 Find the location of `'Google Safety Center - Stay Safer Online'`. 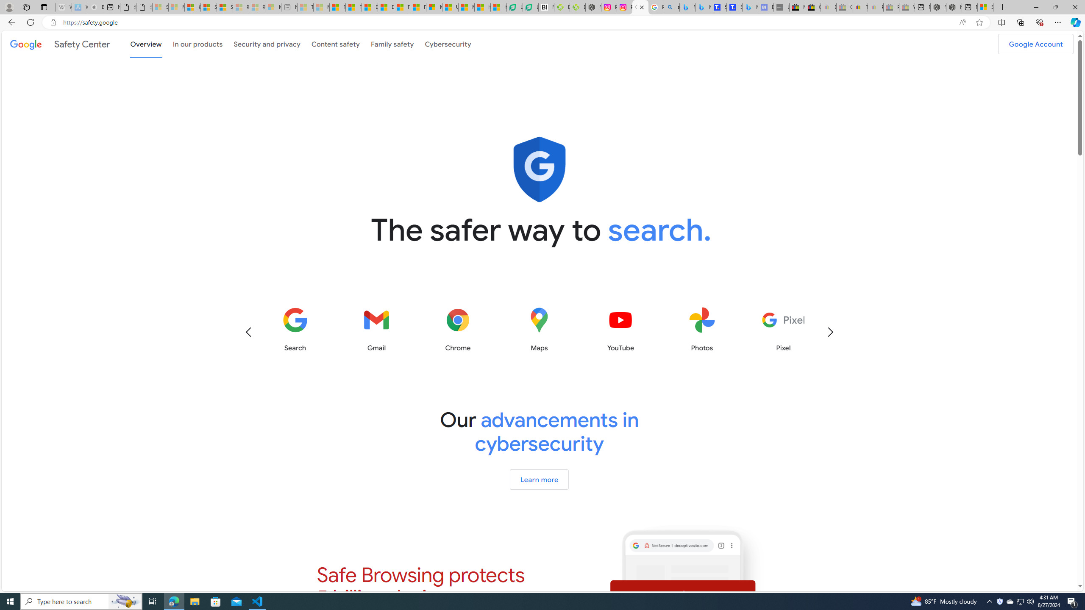

'Google Safety Center - Stay Safer Online' is located at coordinates (640, 7).